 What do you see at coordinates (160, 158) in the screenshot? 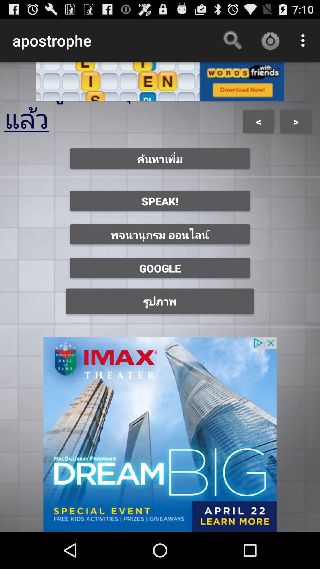
I see `first option` at bounding box center [160, 158].